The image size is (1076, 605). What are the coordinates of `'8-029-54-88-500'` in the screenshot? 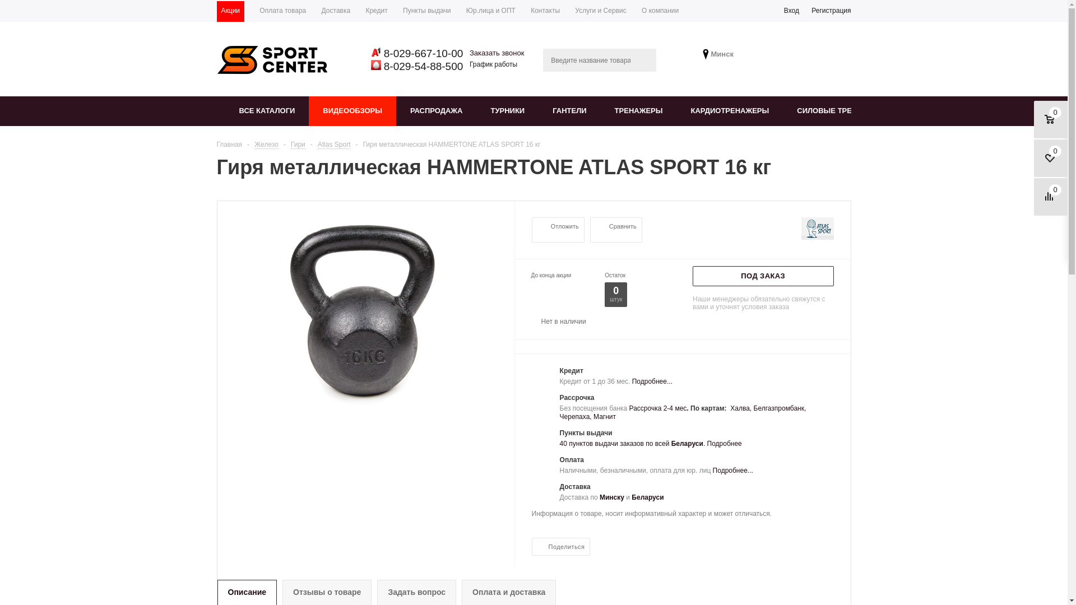 It's located at (381, 66).